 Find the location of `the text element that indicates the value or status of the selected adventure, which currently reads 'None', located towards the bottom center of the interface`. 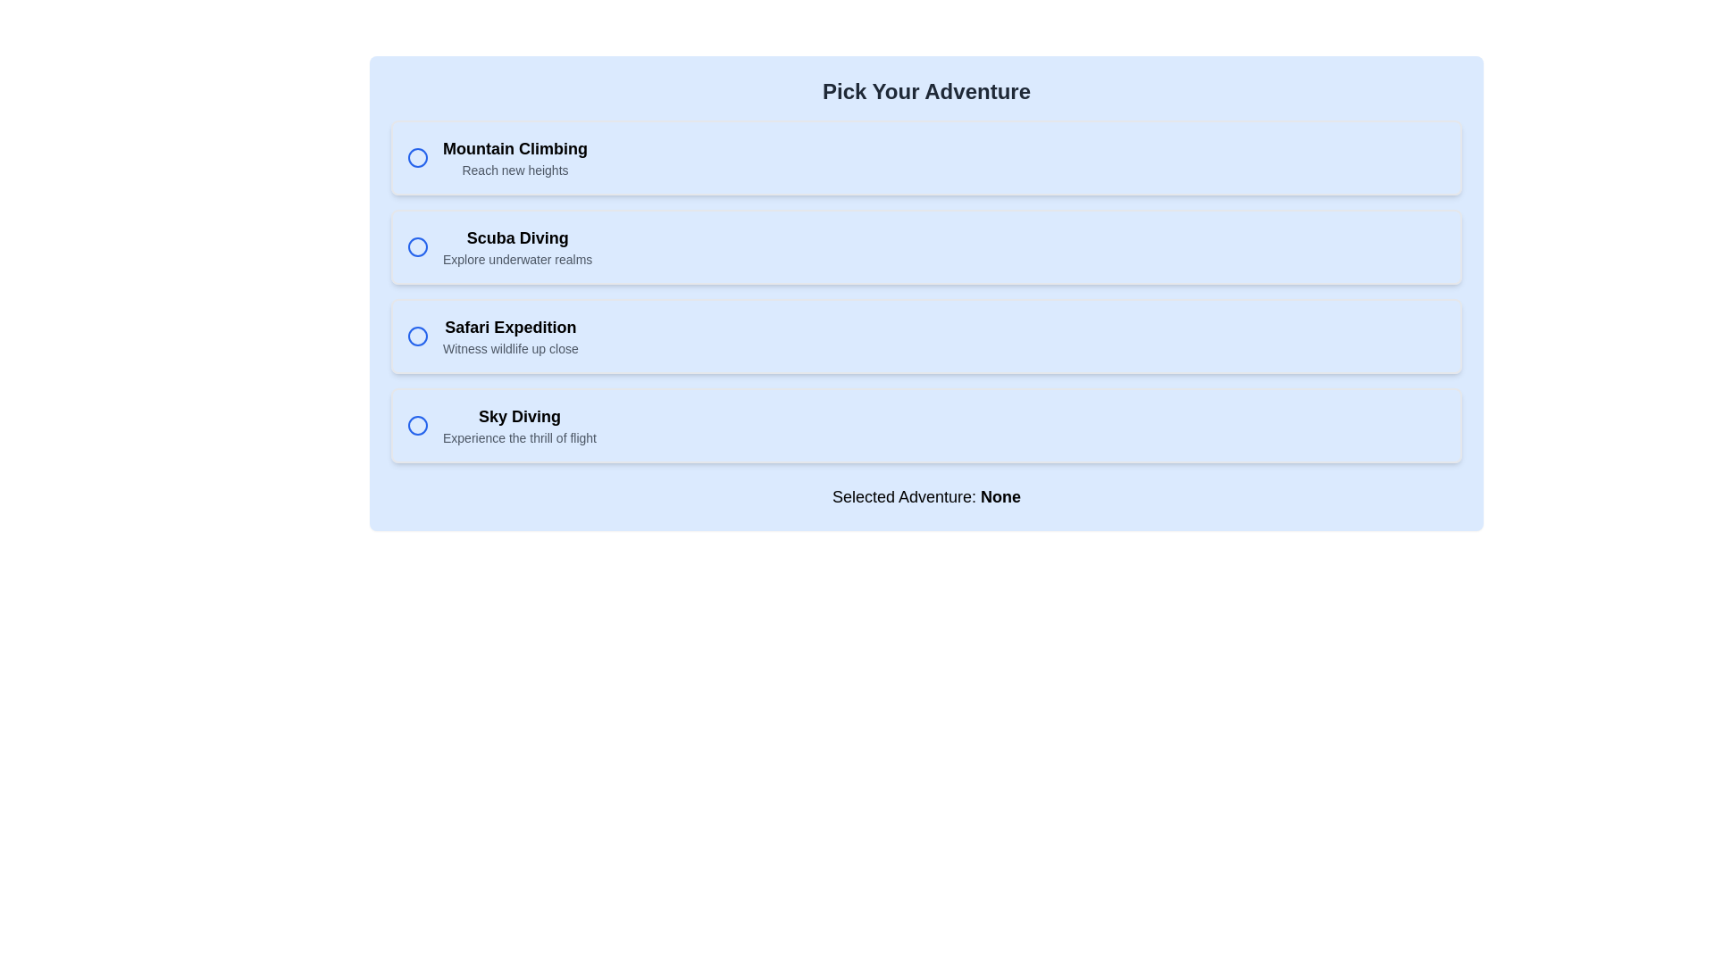

the text element that indicates the value or status of the selected adventure, which currently reads 'None', located towards the bottom center of the interface is located at coordinates (1000, 496).